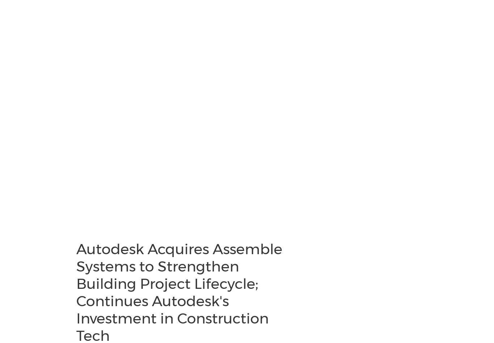  Describe the element at coordinates (14, 69) in the screenshot. I see `'All Products'` at that location.